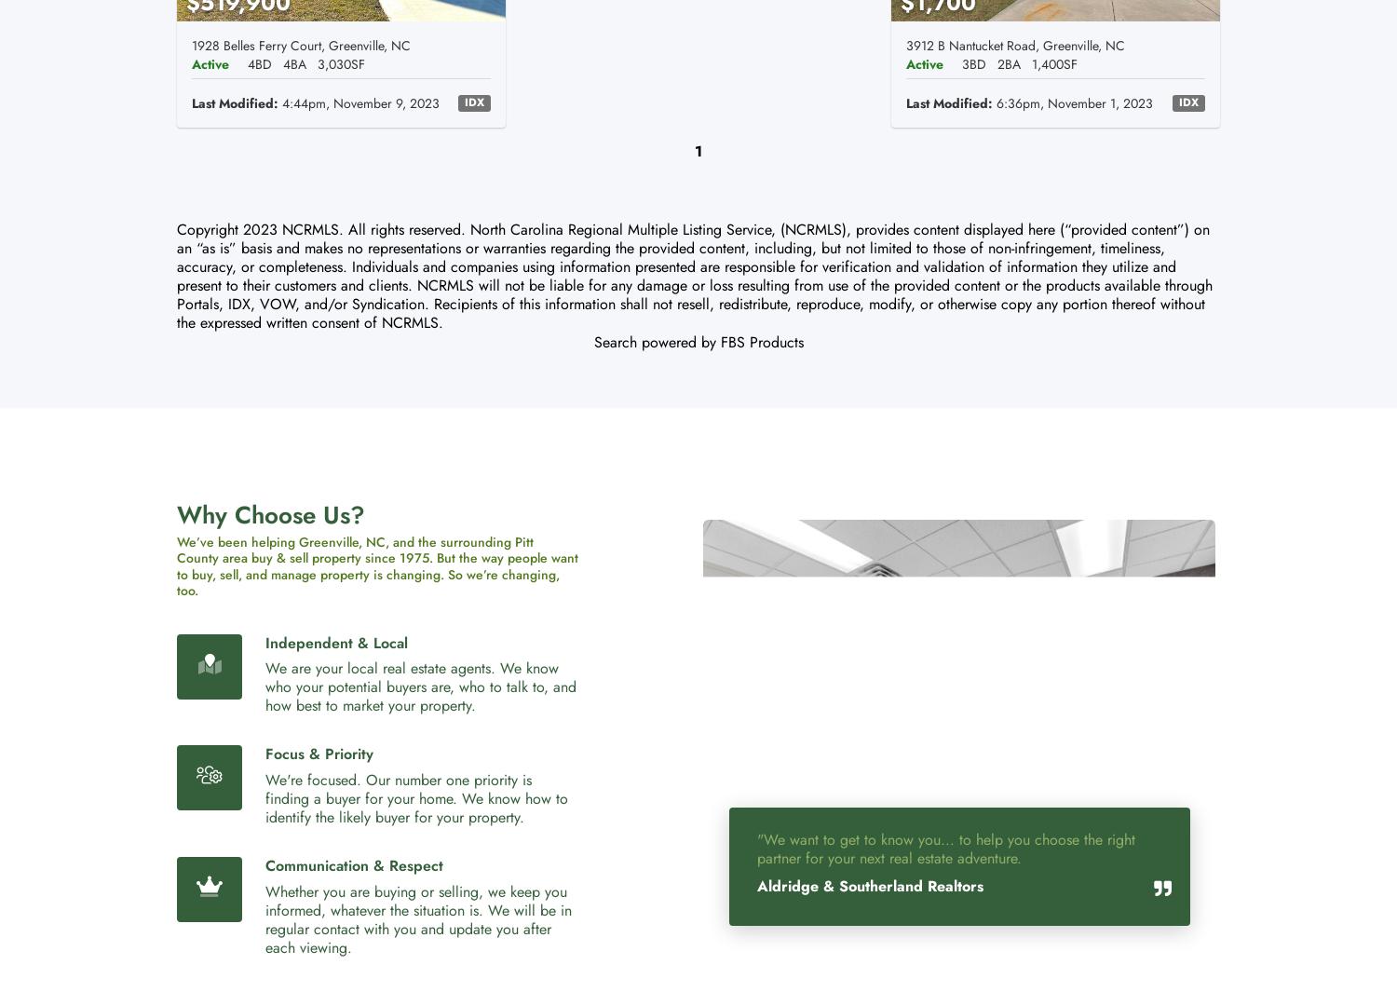 Image resolution: width=1397 pixels, height=992 pixels. Describe the element at coordinates (992, 102) in the screenshot. I see `'6:36pm, November 1, 2023'` at that location.